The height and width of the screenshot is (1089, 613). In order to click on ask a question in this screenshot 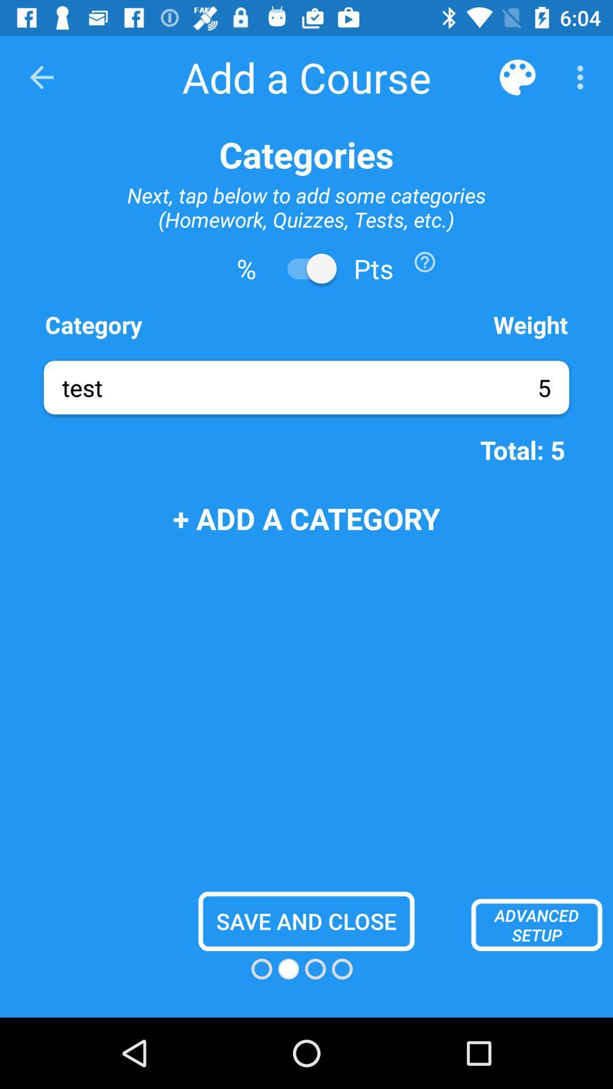, I will do `click(425, 261)`.